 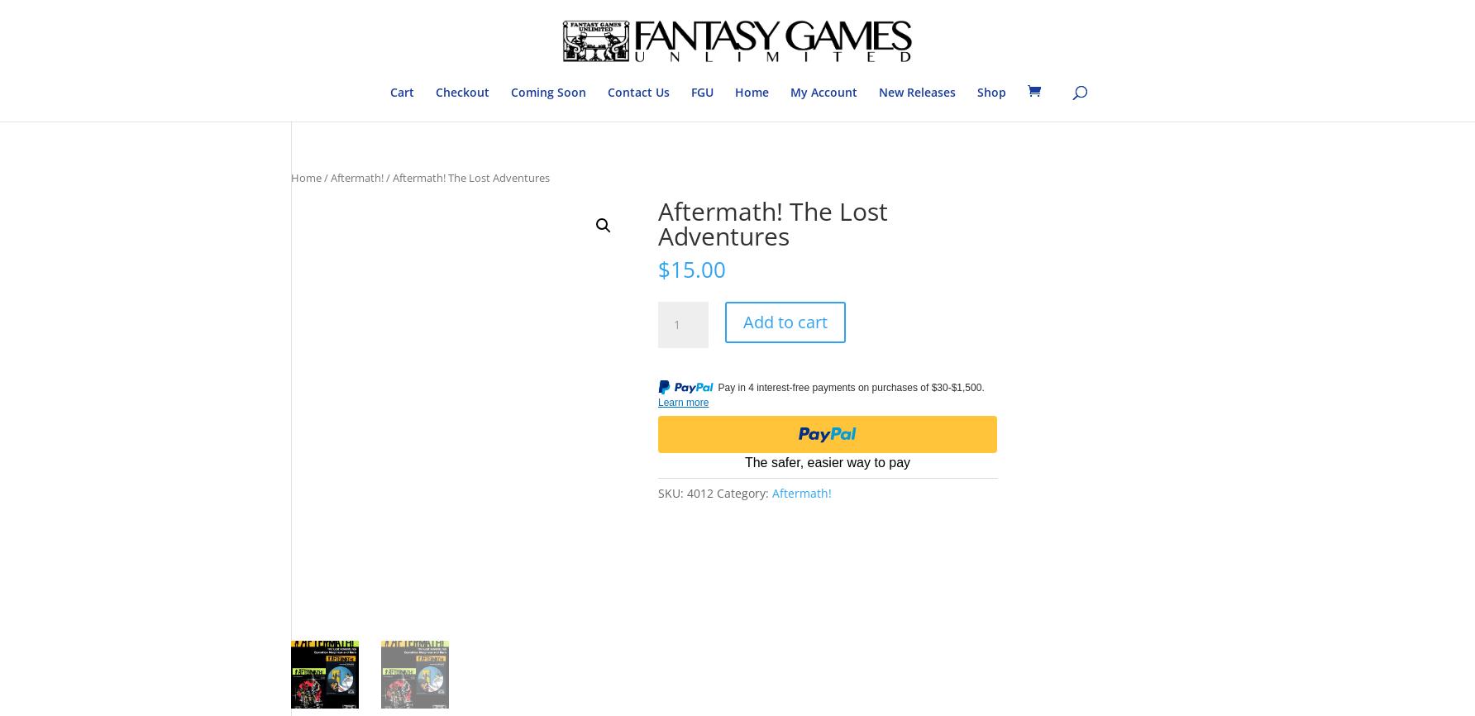 What do you see at coordinates (663, 268) in the screenshot?
I see `'$'` at bounding box center [663, 268].